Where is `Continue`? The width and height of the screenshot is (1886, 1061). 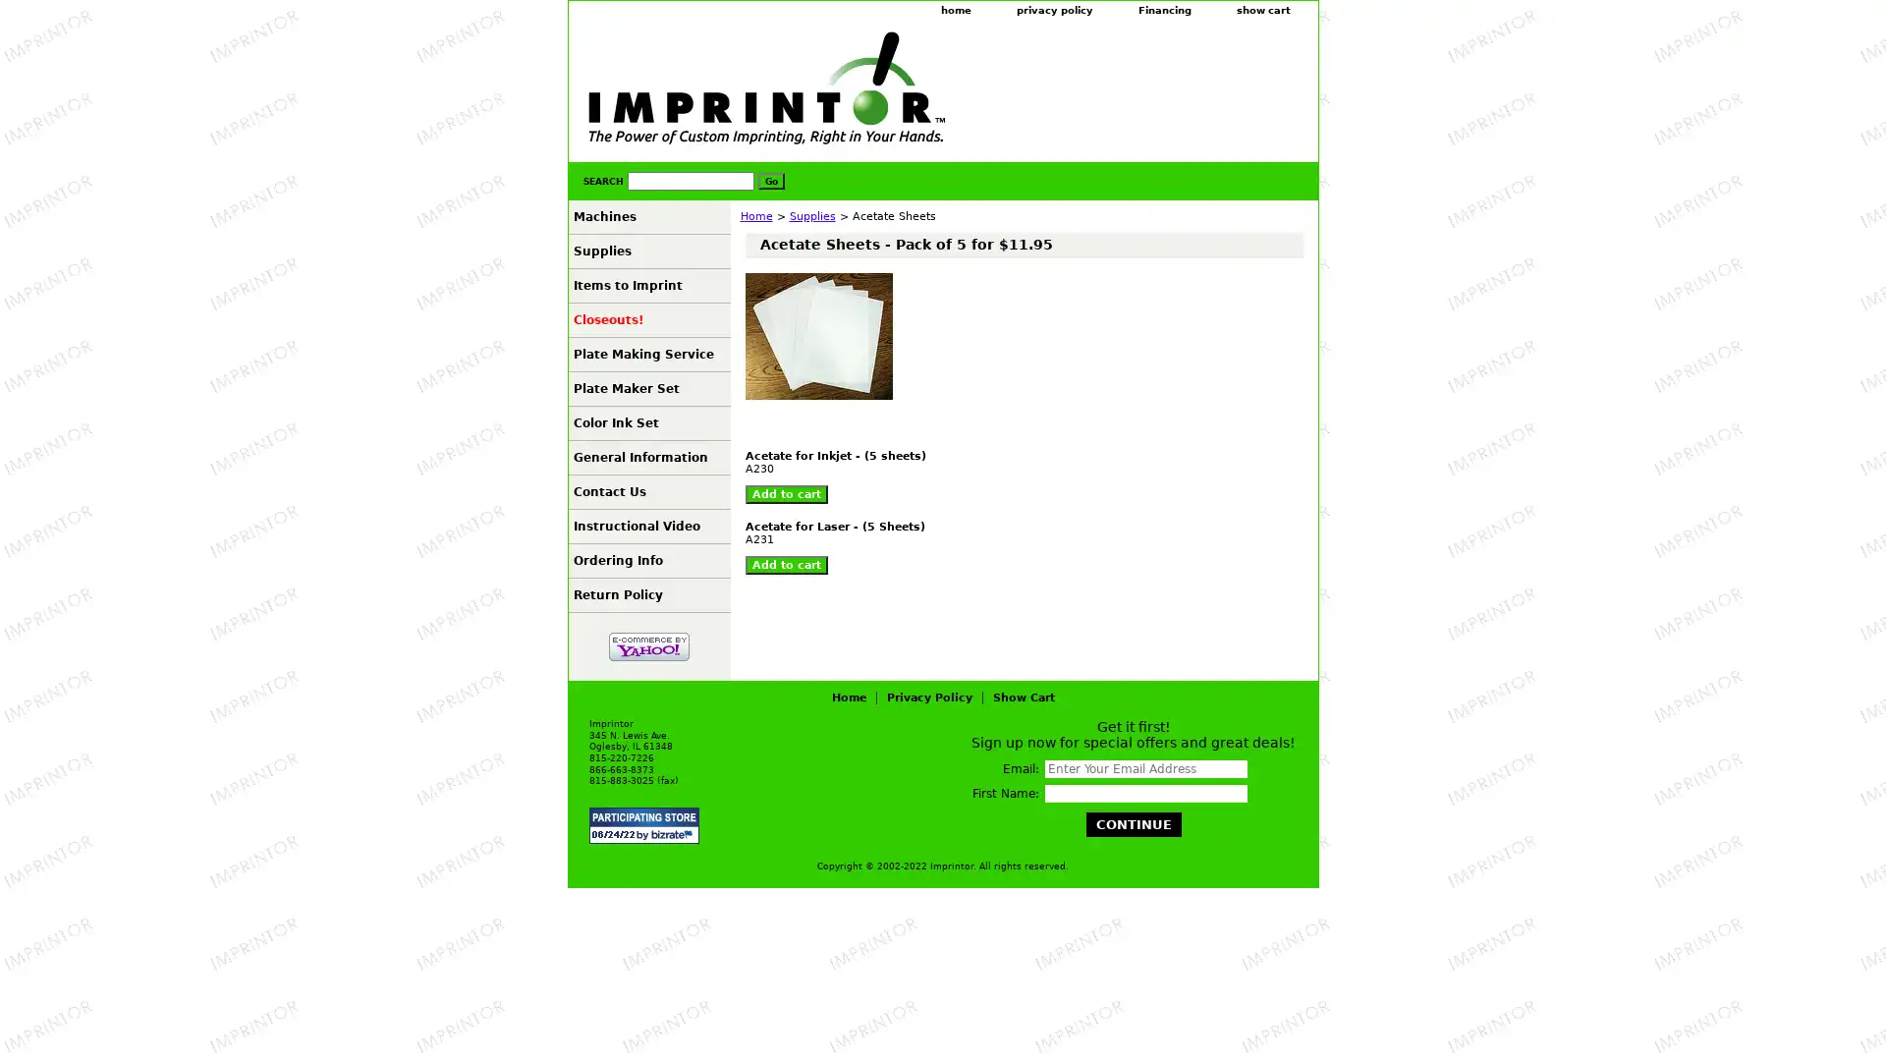
Continue is located at coordinates (1133, 824).